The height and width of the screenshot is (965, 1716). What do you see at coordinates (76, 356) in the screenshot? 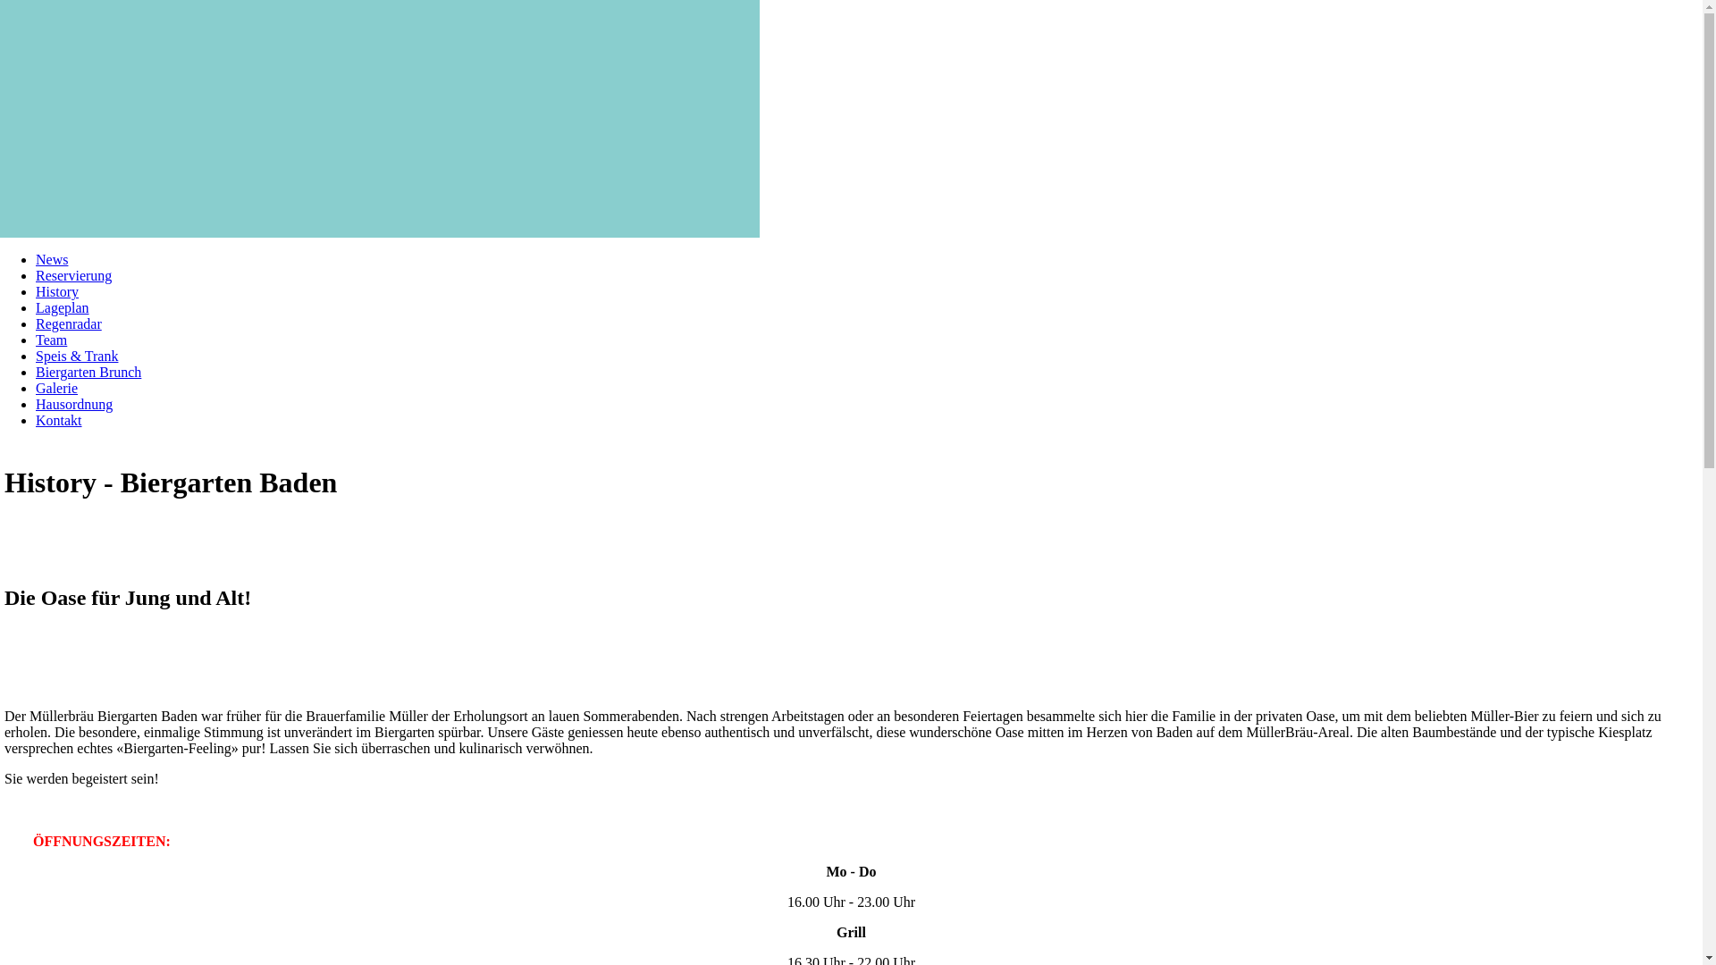
I see `'Speis & Trank'` at bounding box center [76, 356].